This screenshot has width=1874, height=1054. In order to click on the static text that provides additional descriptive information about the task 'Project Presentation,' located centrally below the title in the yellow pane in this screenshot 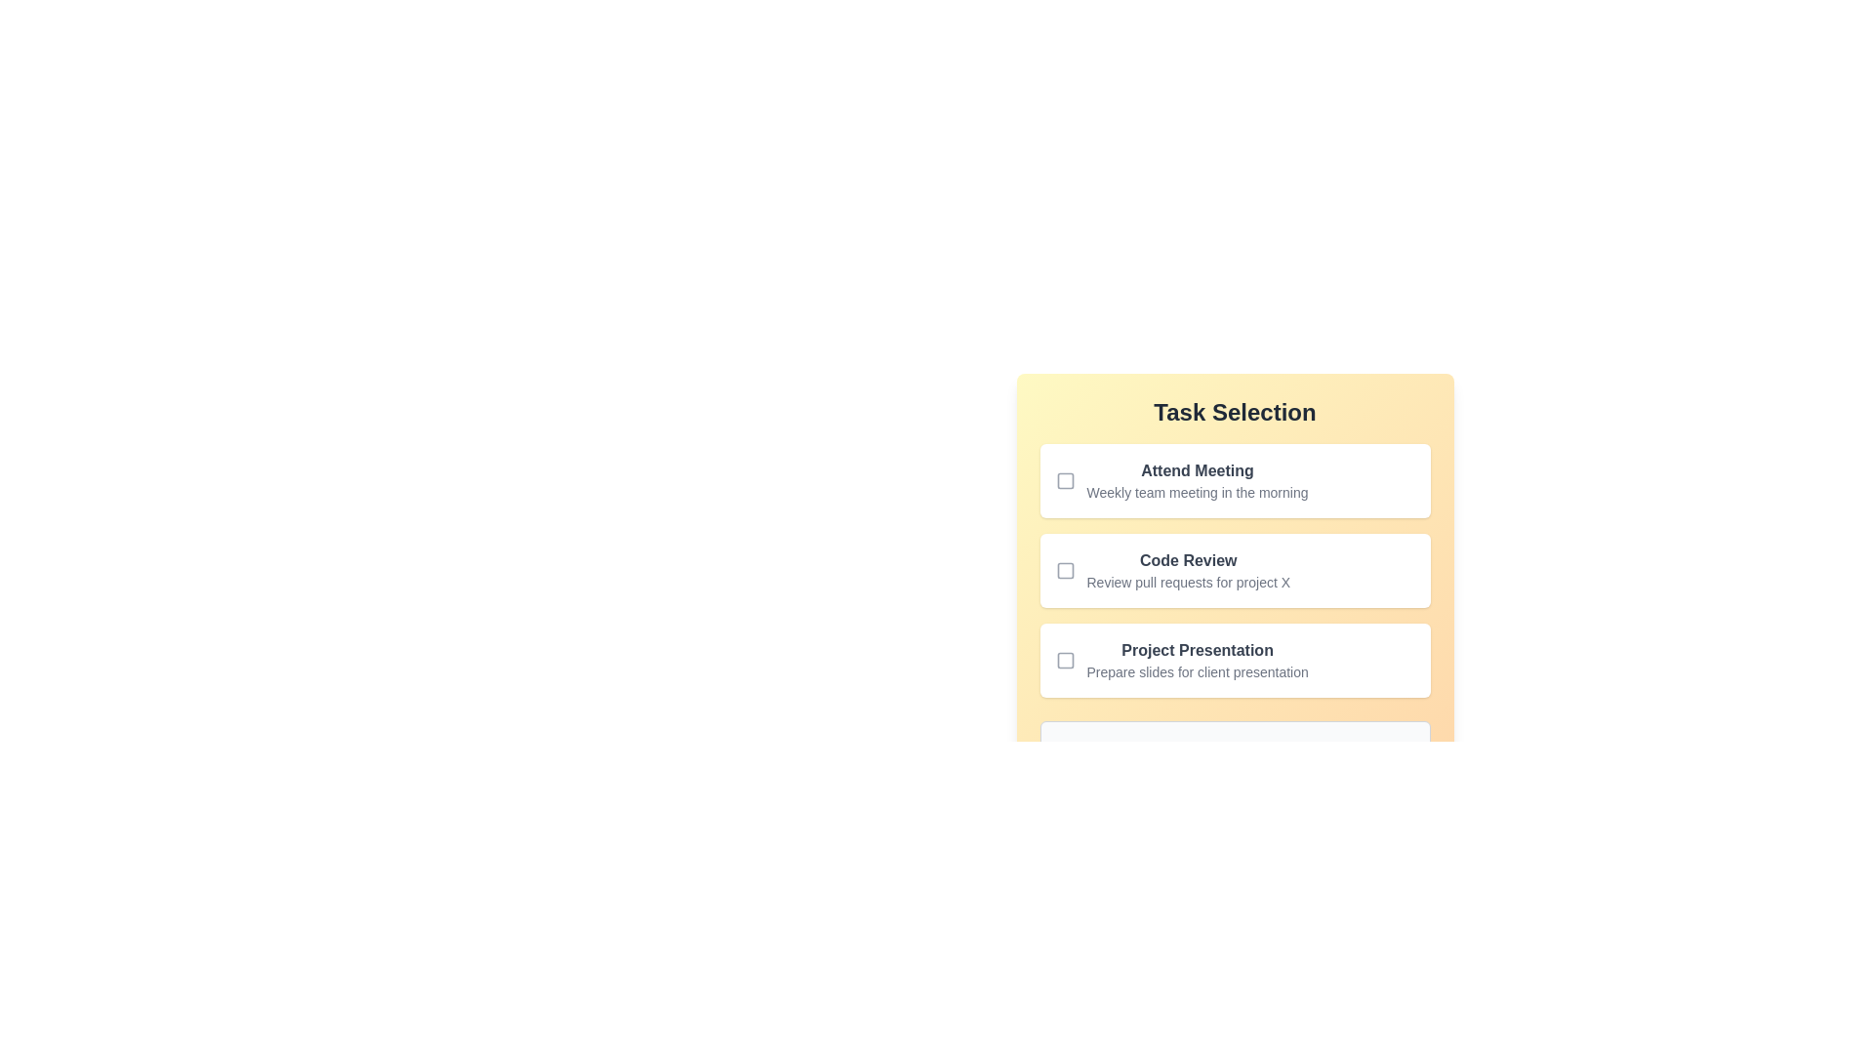, I will do `click(1197, 671)`.